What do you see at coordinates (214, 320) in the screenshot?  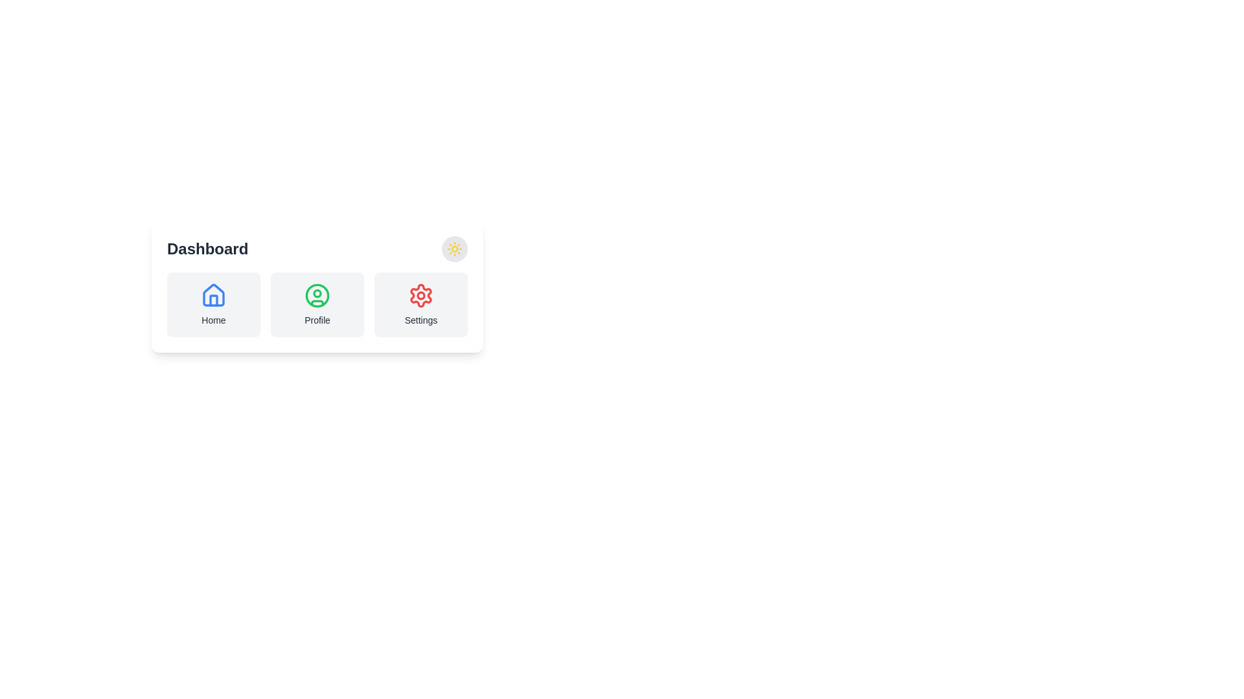 I see `the Text Label located under the house icon in the 'Home' section, which indicates the purpose of the associated section or button` at bounding box center [214, 320].